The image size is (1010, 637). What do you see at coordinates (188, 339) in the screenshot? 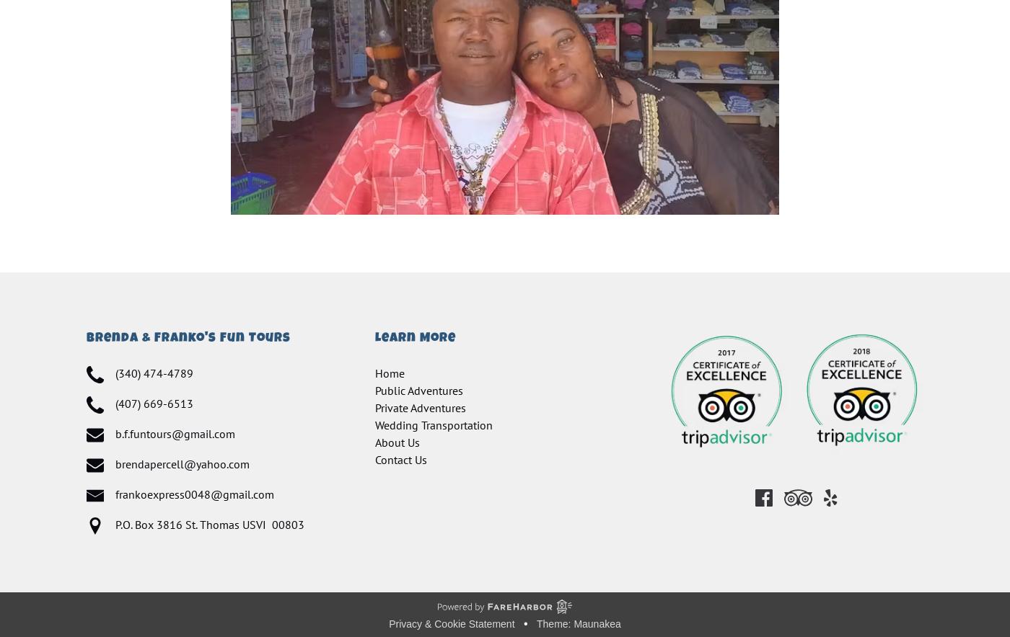
I see `'Brenda & Franko's Fun Tours'` at bounding box center [188, 339].